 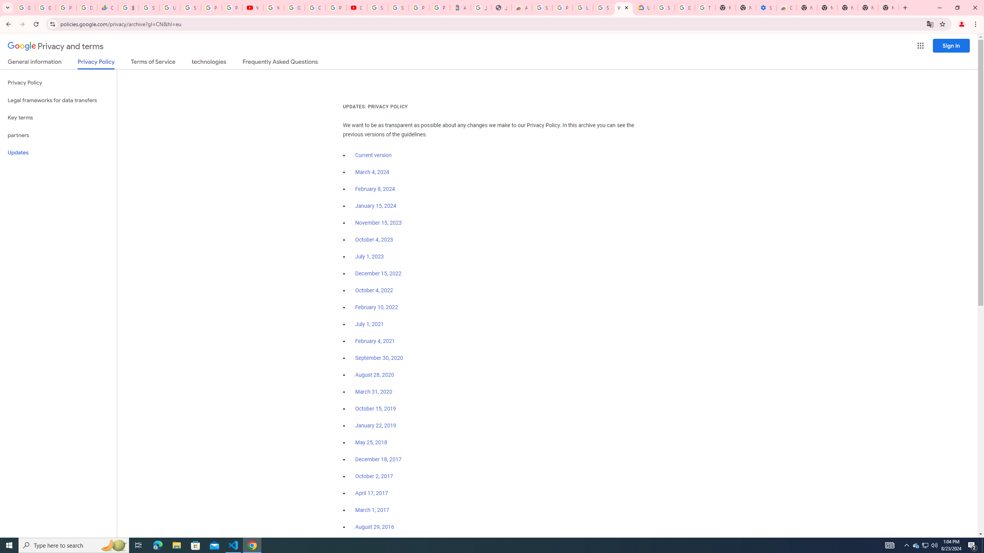 I want to click on 'You', so click(x=962, y=24).